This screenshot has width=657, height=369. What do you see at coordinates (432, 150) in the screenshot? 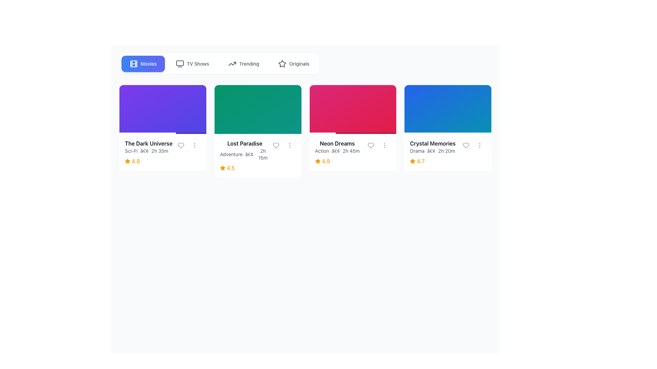
I see `text displayed in the label showing 'Drama • 2h 20m' located at the bottom right of the 'Crystal Memories' content card` at bounding box center [432, 150].